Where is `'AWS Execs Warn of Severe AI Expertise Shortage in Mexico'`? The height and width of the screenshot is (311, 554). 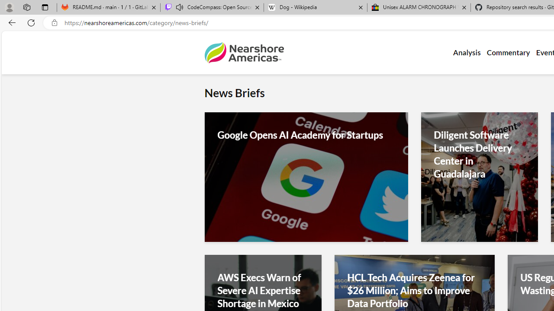 'AWS Execs Warn of Severe AI Expertise Shortage in Mexico' is located at coordinates (262, 290).